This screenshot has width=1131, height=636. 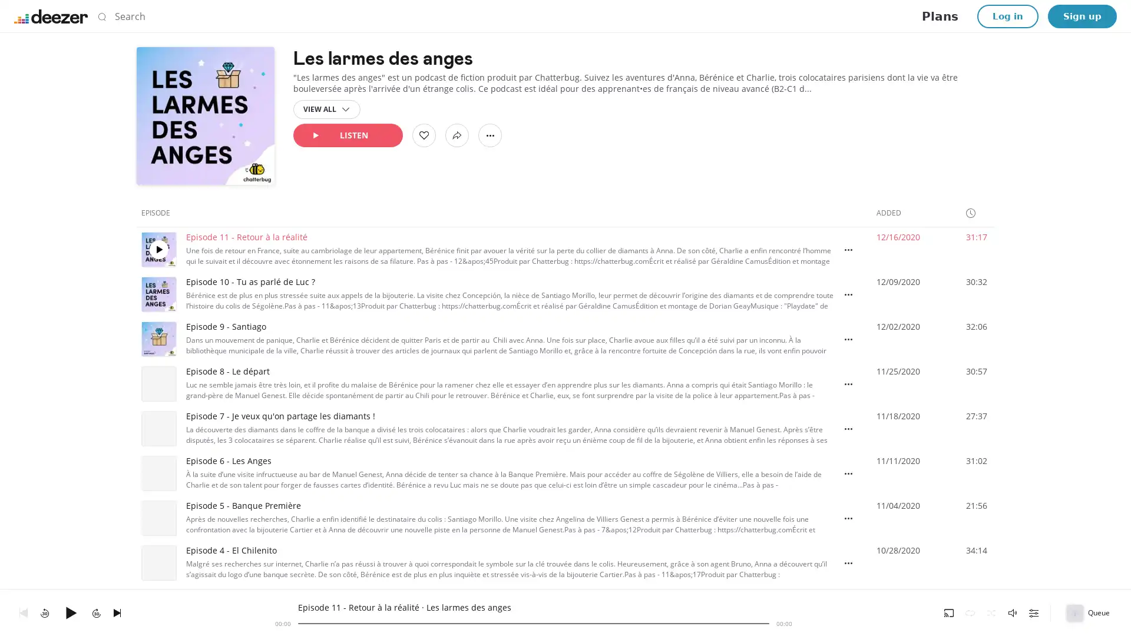 What do you see at coordinates (45, 612) in the screenshot?
I see `Skip back 30 seconds` at bounding box center [45, 612].